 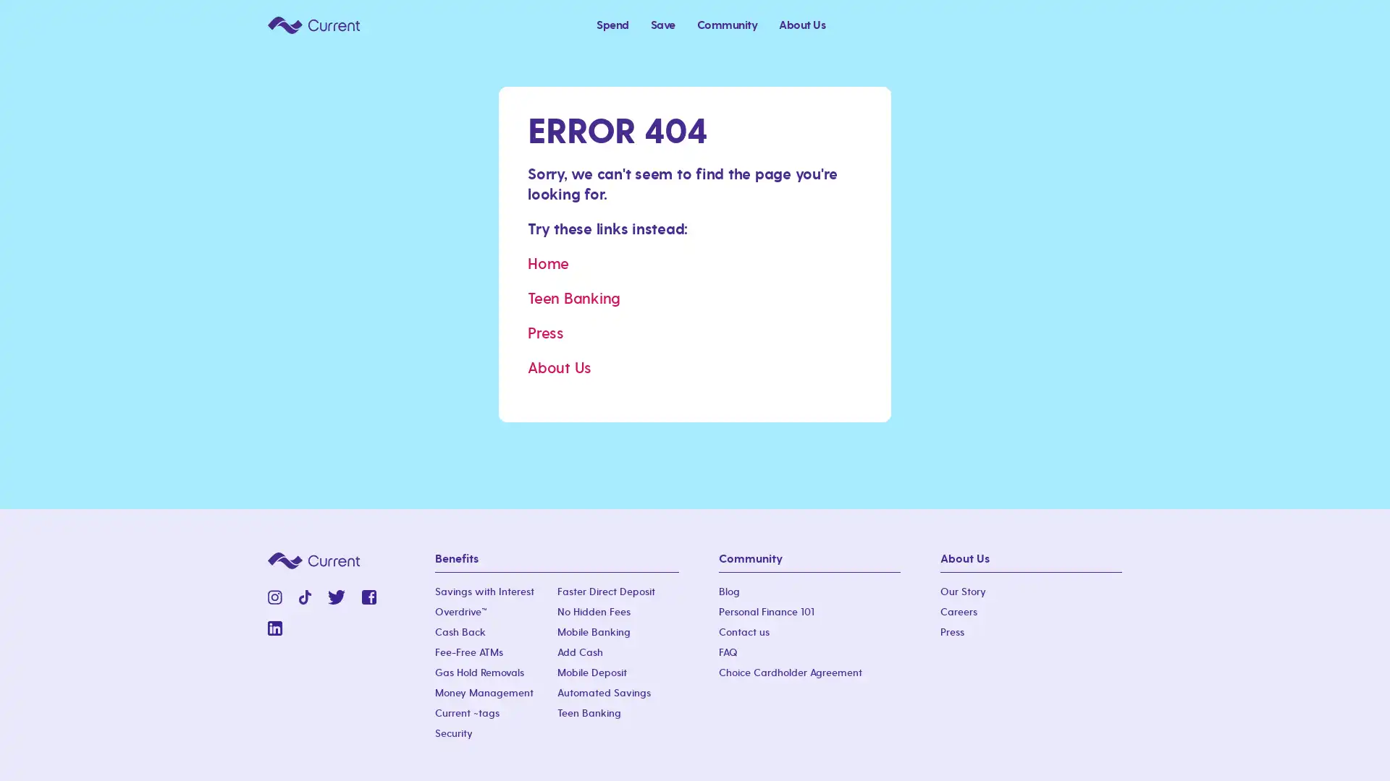 What do you see at coordinates (579, 652) in the screenshot?
I see `Add Cash` at bounding box center [579, 652].